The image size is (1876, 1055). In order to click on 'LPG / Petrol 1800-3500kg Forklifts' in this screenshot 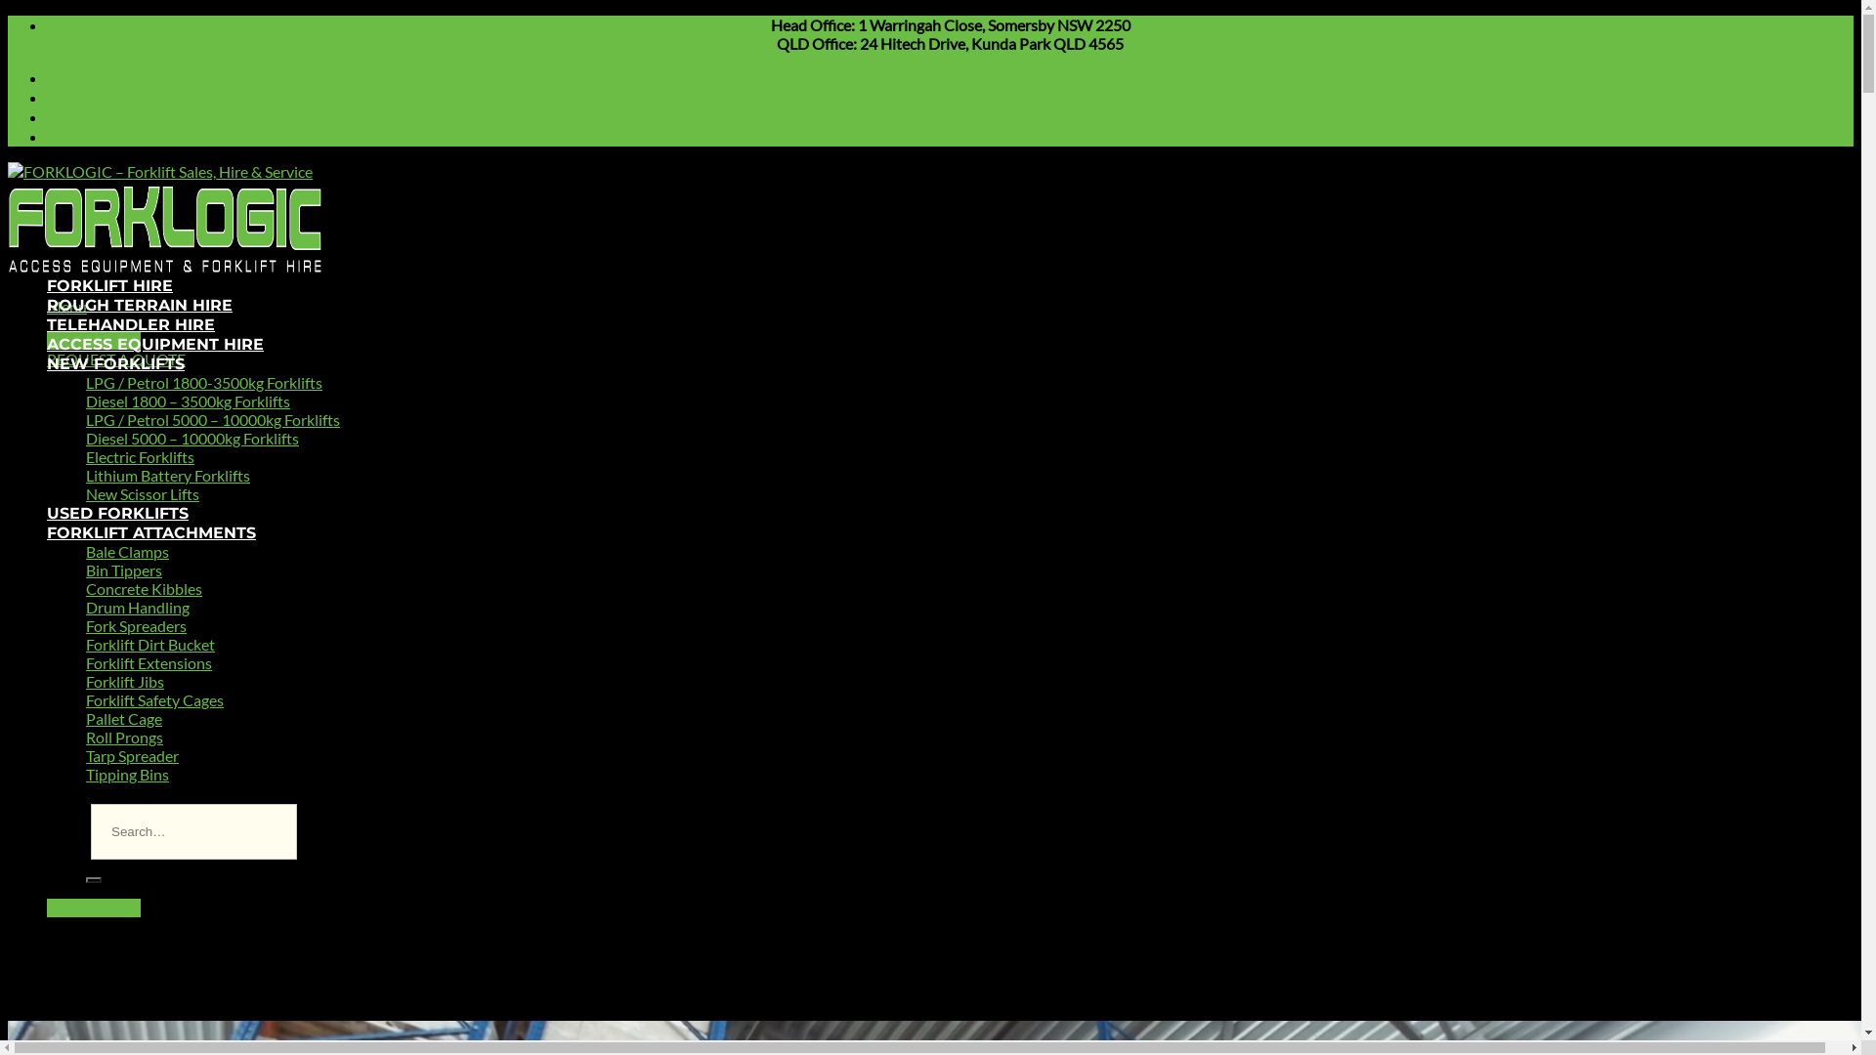, I will do `click(204, 382)`.